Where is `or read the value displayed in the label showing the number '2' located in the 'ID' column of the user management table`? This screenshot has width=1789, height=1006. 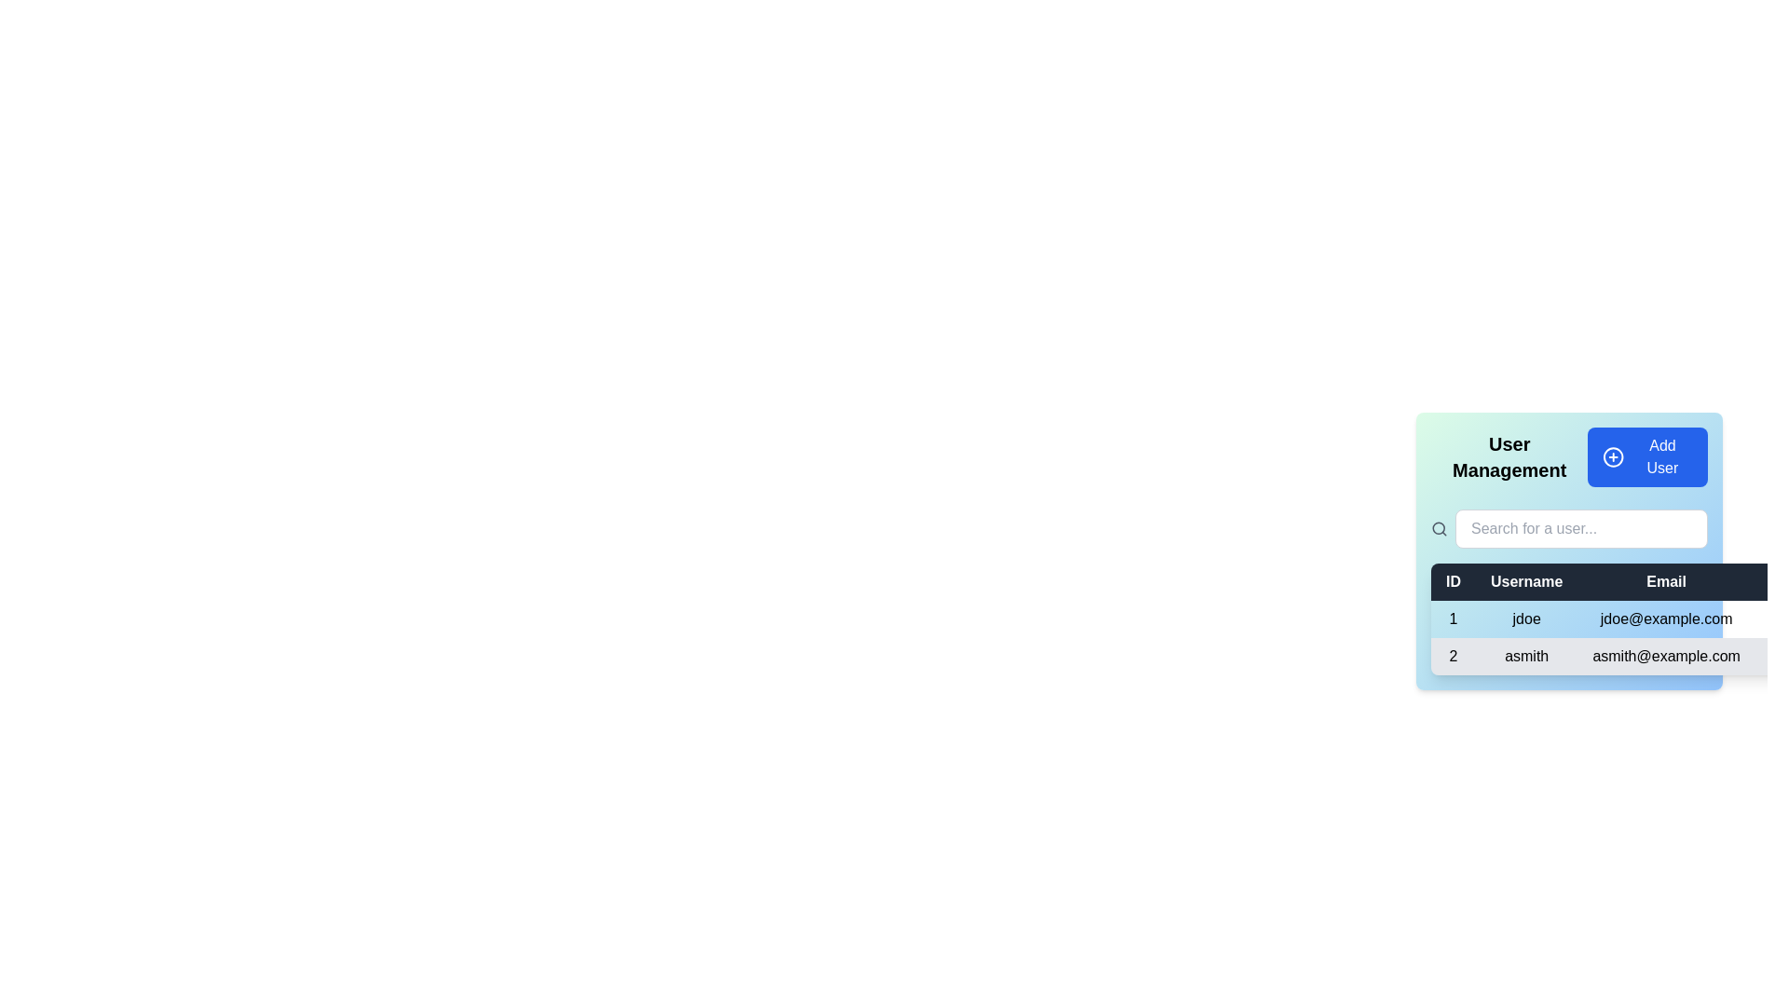
or read the value displayed in the label showing the number '2' located in the 'ID' column of the user management table is located at coordinates (1453, 656).